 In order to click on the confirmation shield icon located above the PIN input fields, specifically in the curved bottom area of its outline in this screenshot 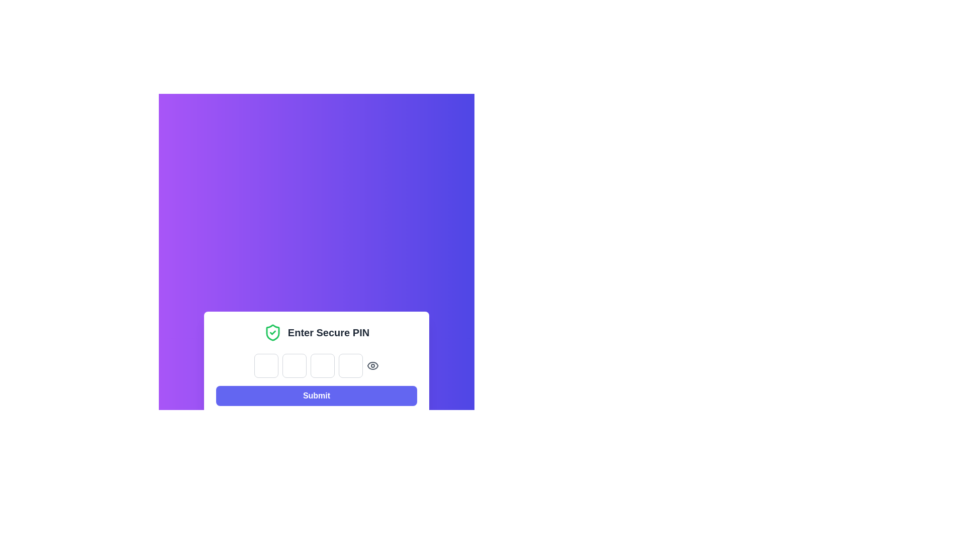, I will do `click(272, 333)`.